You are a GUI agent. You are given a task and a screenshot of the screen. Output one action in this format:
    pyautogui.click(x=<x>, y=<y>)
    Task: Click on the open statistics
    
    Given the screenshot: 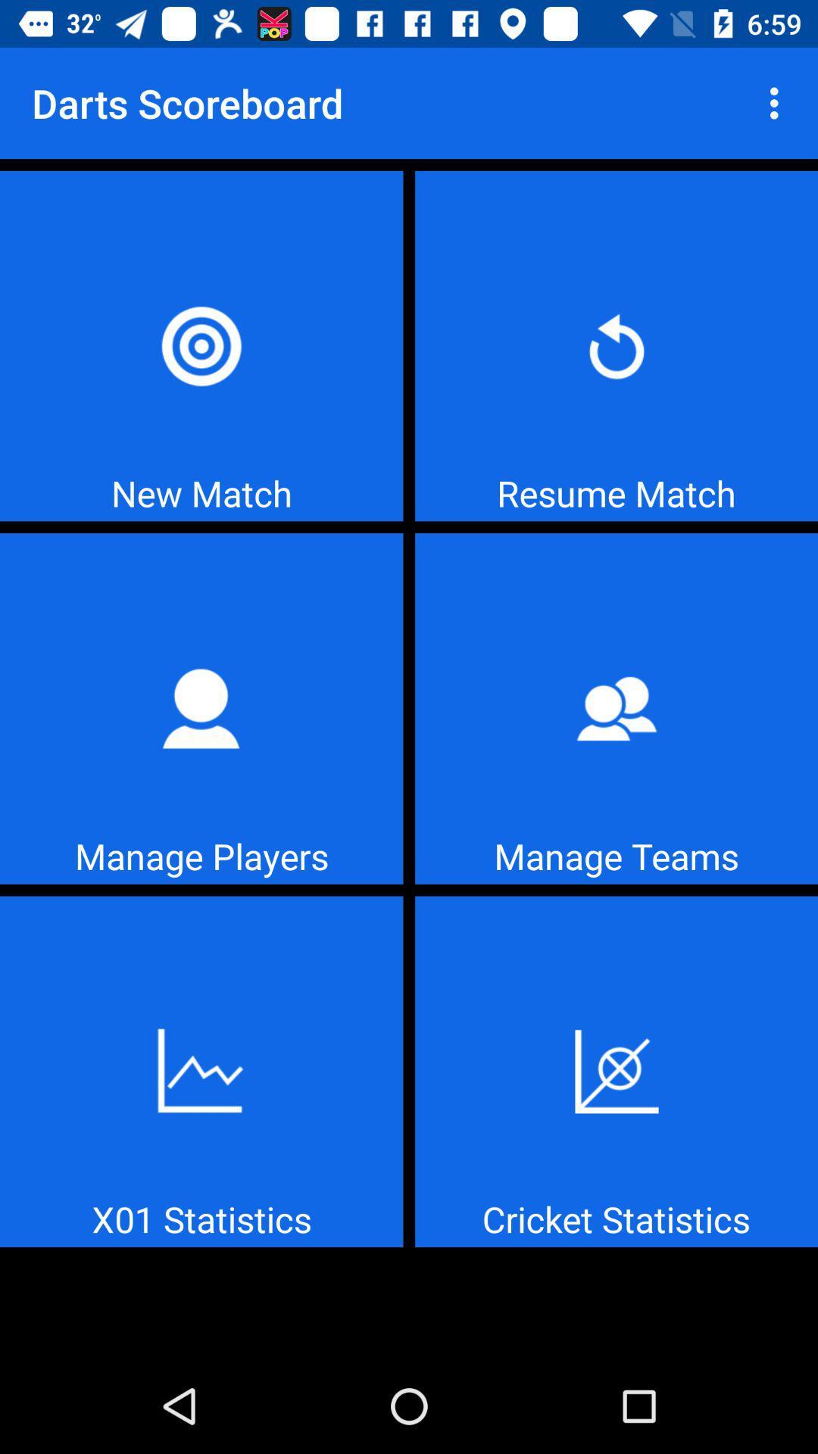 What is the action you would take?
    pyautogui.click(x=201, y=1071)
    